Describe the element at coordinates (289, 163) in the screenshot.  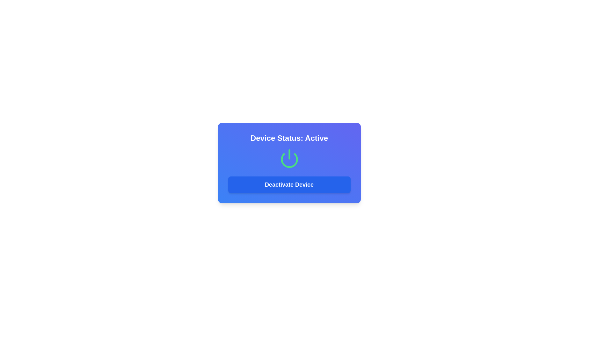
I see `the Informational card with the title 'Device Status: Active' and the 'Deactivate Device' button at the bottom` at that location.